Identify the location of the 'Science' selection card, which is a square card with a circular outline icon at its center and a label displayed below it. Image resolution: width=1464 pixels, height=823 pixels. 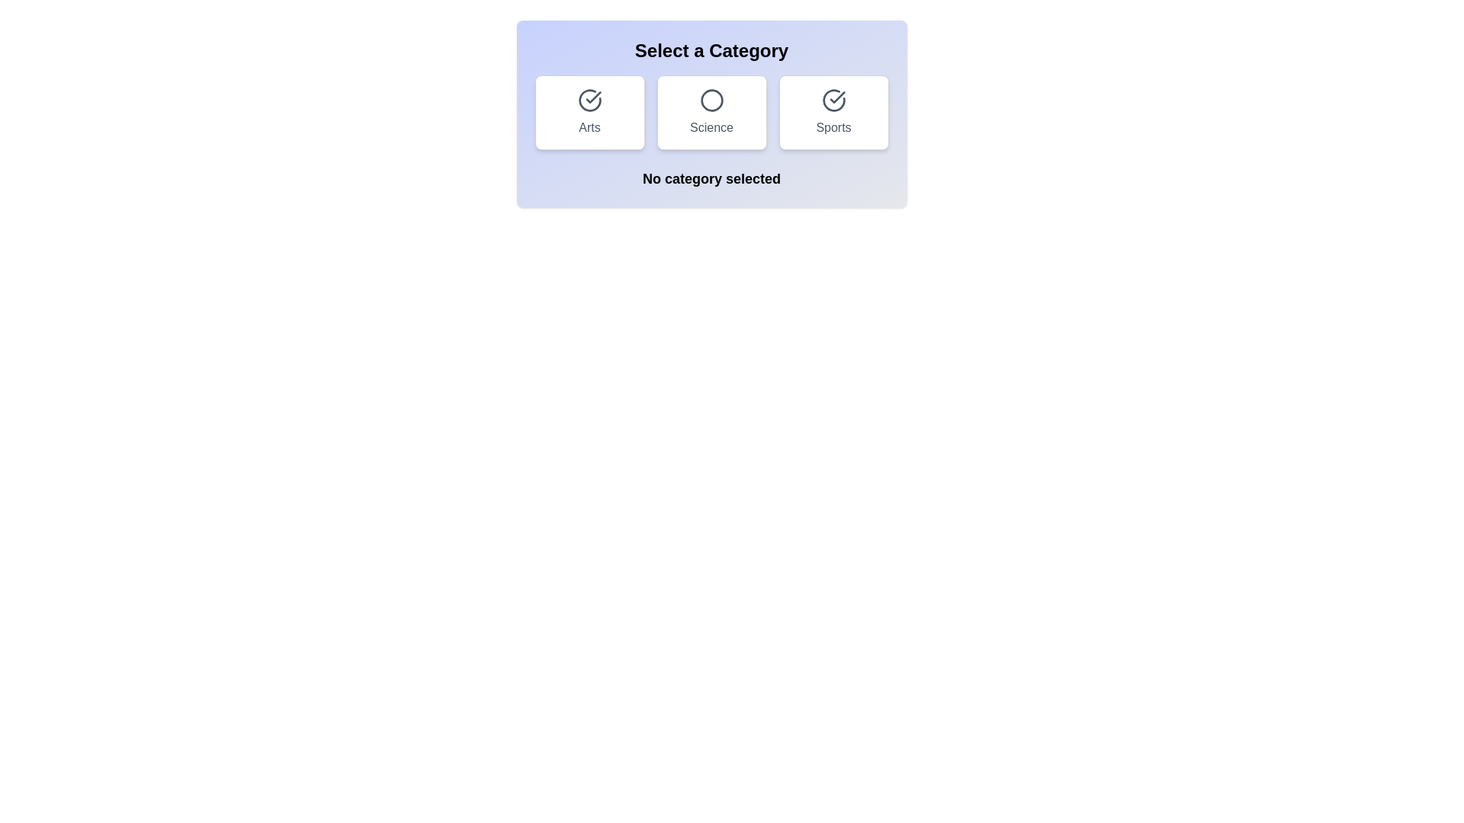
(711, 114).